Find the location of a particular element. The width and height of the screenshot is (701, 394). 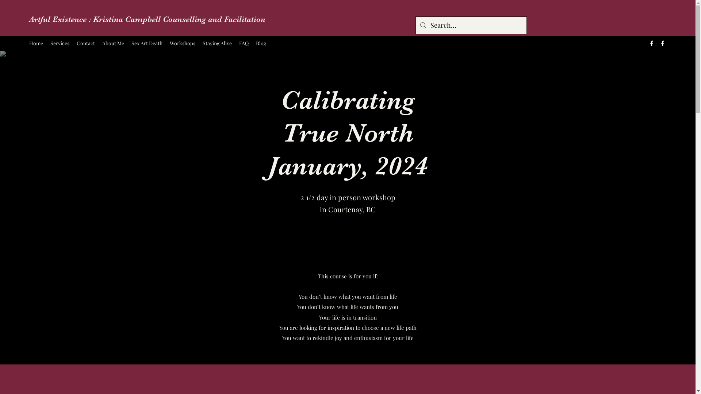

'Services' is located at coordinates (60, 43).